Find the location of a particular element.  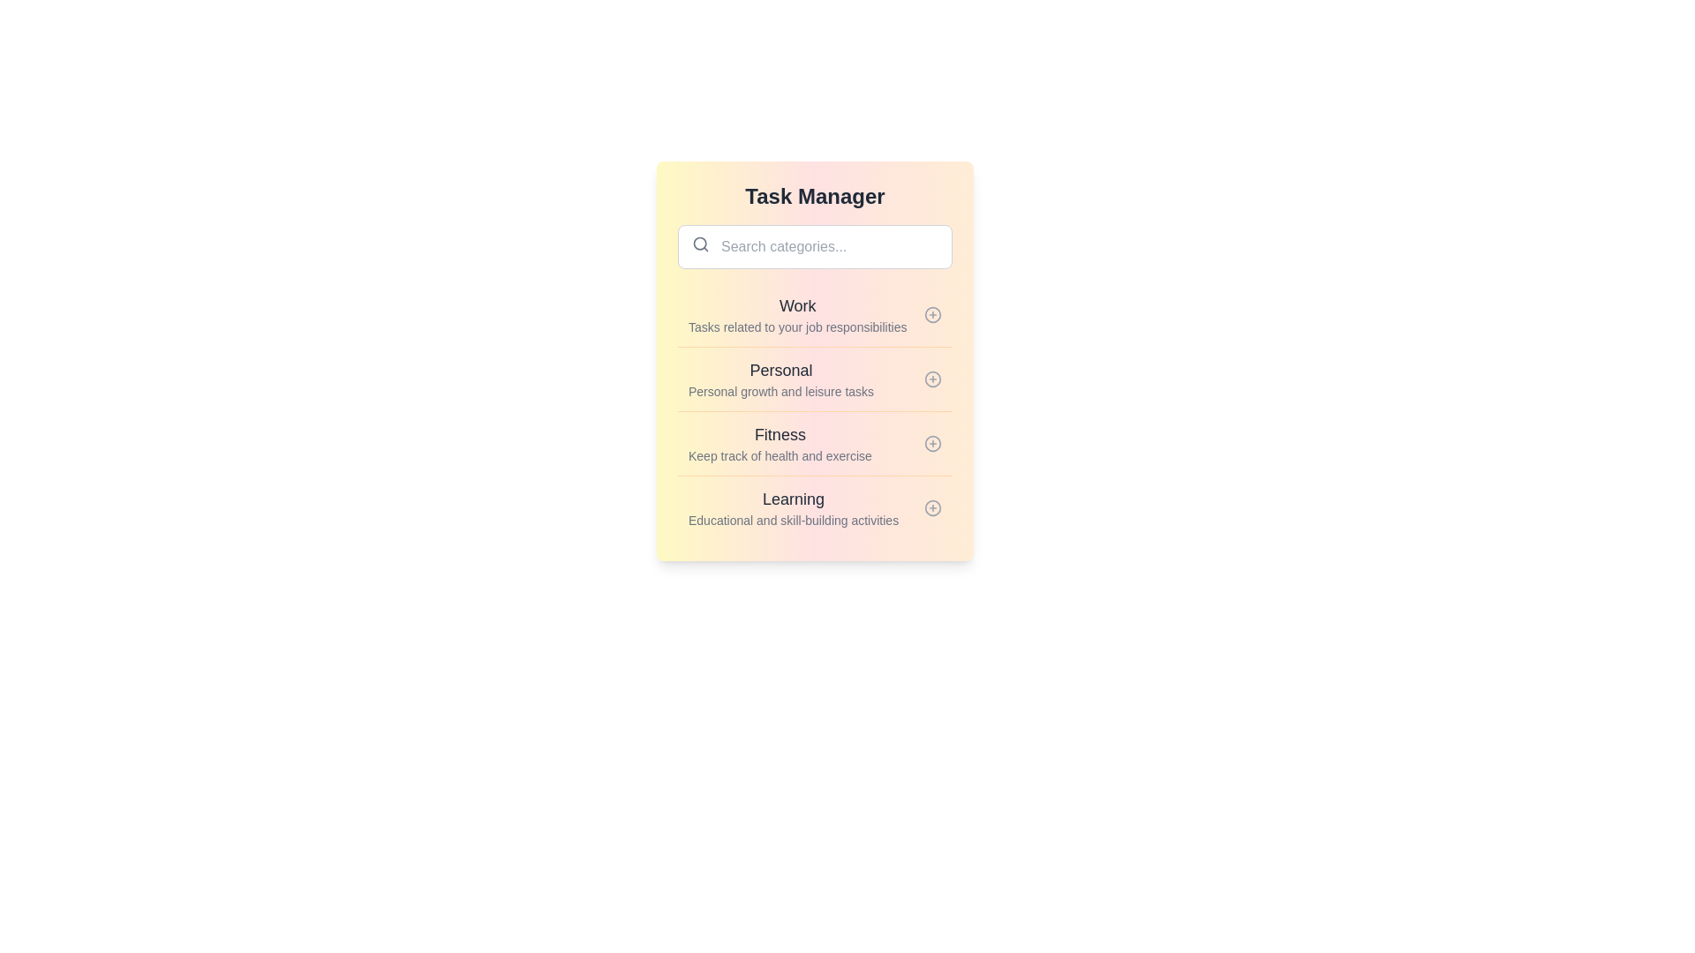

the innermost circular part of the 'plus' icon associated with the 'Learning' category in the list is located at coordinates (931, 507).